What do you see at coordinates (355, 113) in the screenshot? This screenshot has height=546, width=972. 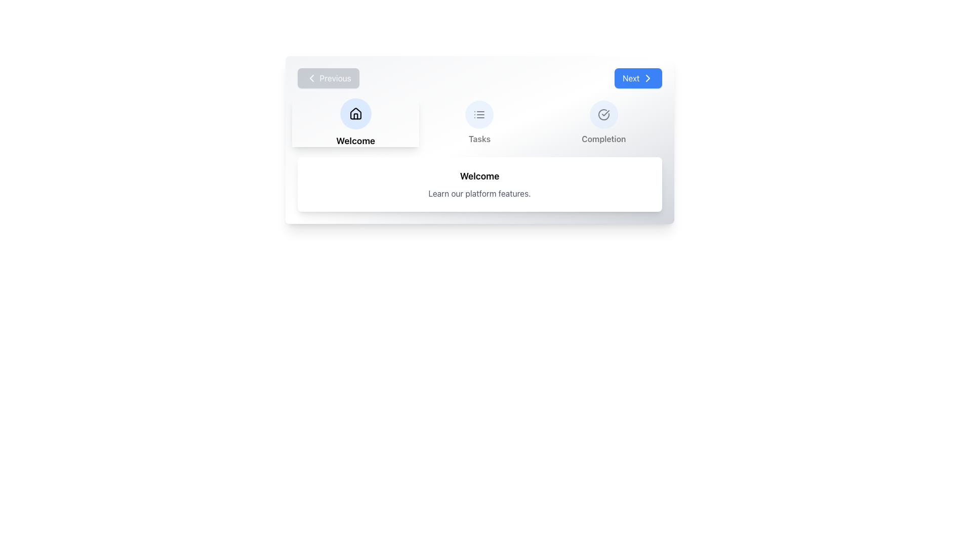 I see `the house-shaped icon located in the top-left navigation menu` at bounding box center [355, 113].